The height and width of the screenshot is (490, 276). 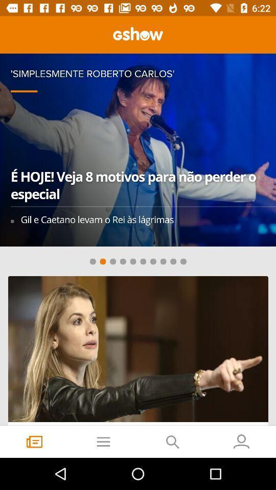 What do you see at coordinates (138, 35) in the screenshot?
I see `the sliders icon` at bounding box center [138, 35].